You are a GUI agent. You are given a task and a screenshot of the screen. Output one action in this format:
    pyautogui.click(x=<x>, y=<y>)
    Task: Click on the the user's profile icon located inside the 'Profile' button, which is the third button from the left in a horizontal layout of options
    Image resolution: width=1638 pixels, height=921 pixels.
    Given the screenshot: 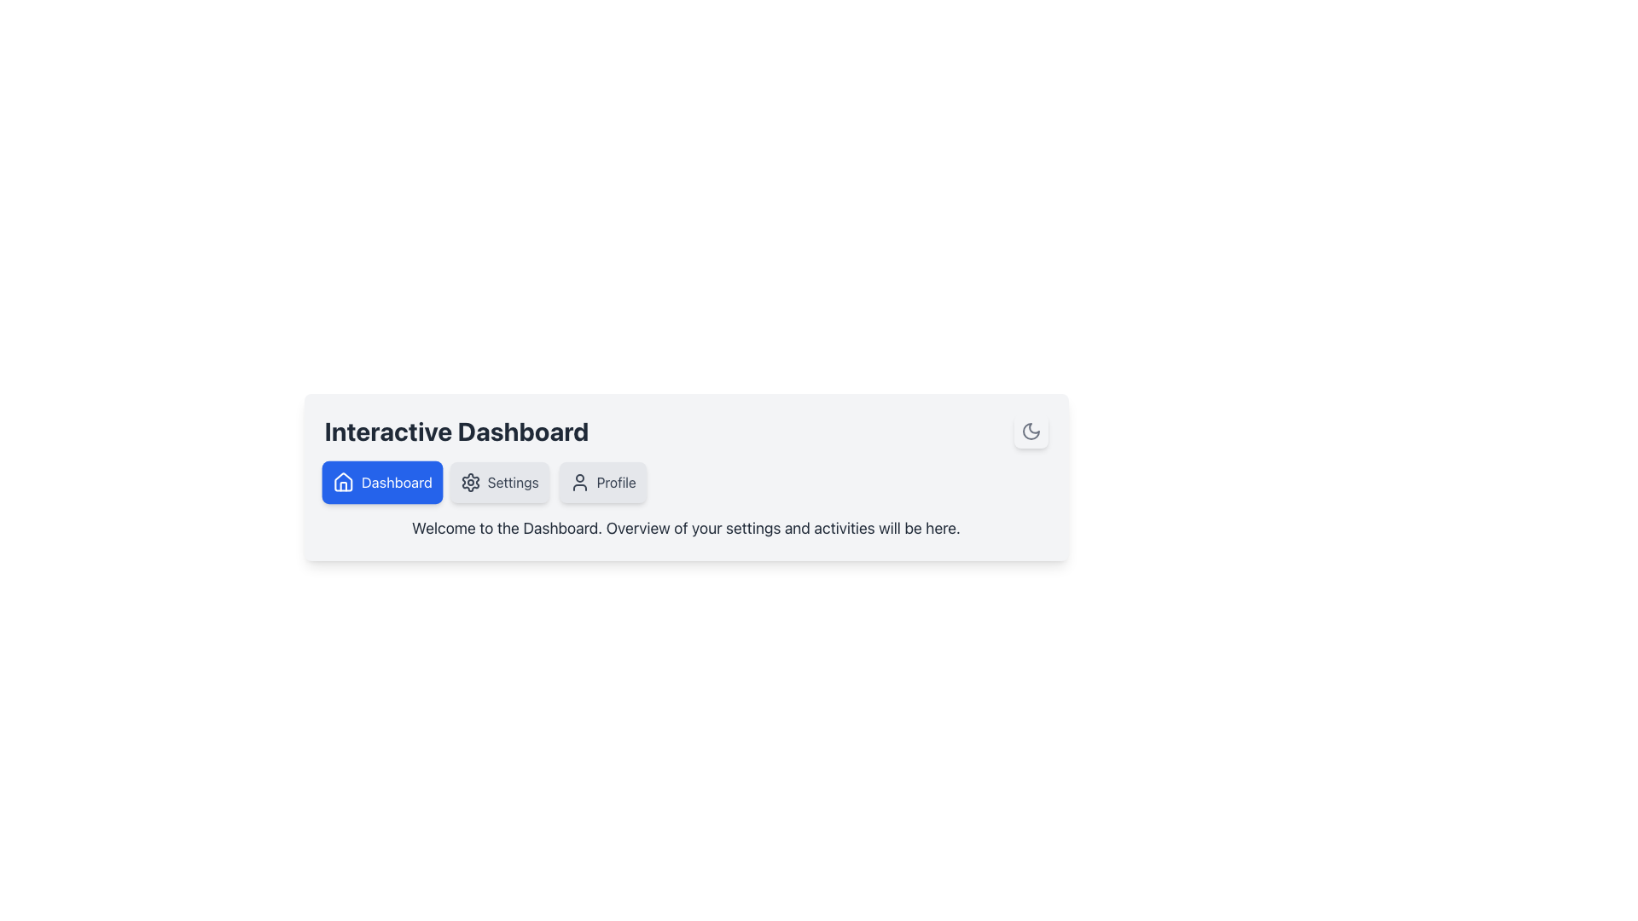 What is the action you would take?
    pyautogui.click(x=579, y=483)
    